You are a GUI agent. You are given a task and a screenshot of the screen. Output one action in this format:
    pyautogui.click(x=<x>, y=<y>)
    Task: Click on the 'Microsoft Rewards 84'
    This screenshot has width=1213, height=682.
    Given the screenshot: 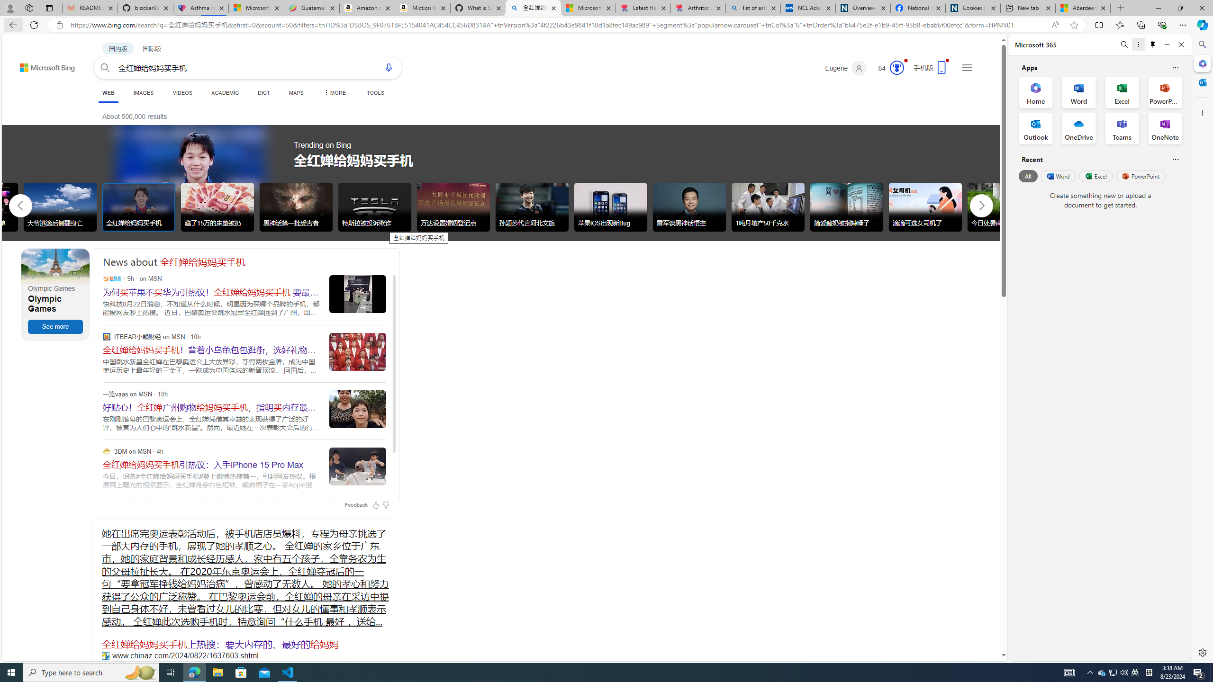 What is the action you would take?
    pyautogui.click(x=887, y=68)
    